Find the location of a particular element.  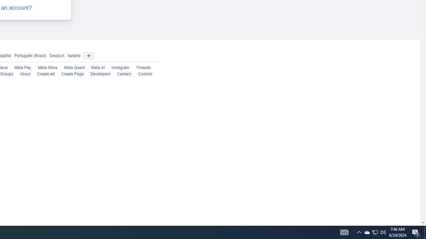

'Groups' is located at coordinates (6, 74).